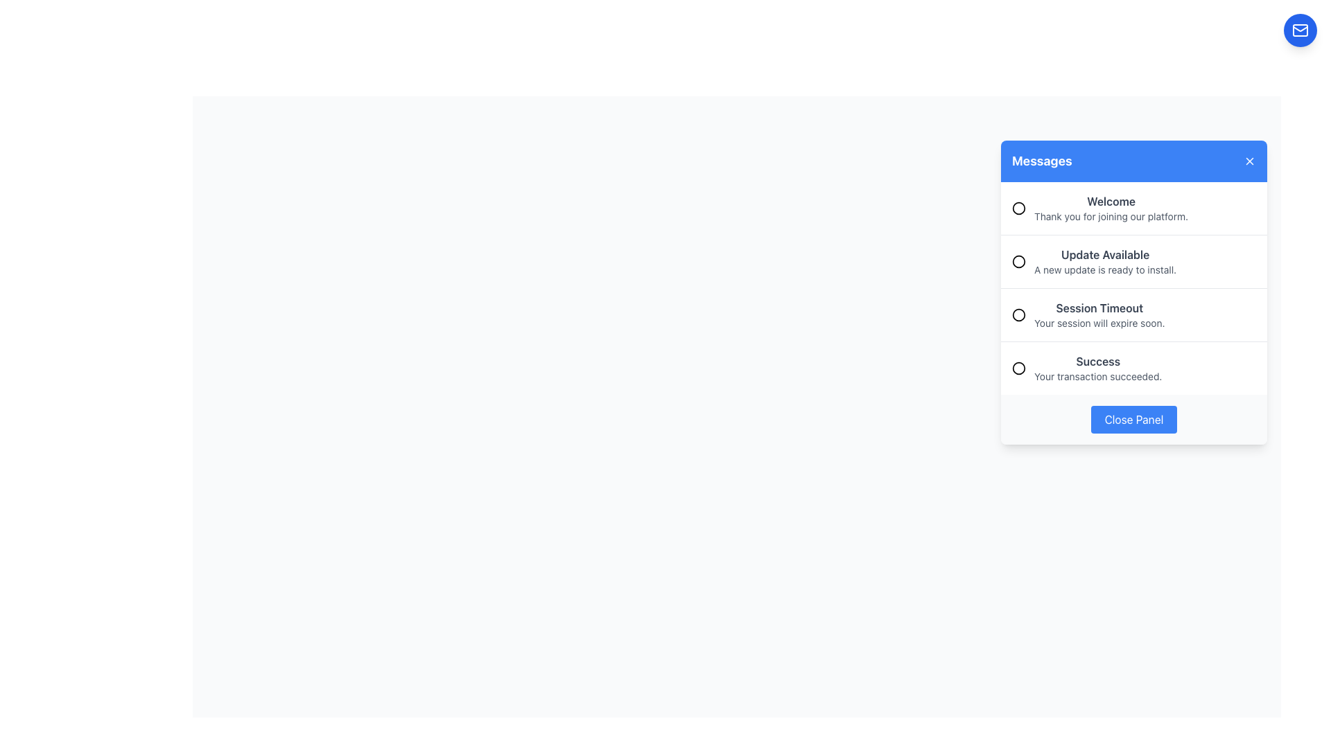 This screenshot has height=748, width=1331. Describe the element at coordinates (1018, 262) in the screenshot. I see `the circular blue icon with a thin border located to the left of the 'Update Available' text in the second entry of the 'Messages' panel` at that location.